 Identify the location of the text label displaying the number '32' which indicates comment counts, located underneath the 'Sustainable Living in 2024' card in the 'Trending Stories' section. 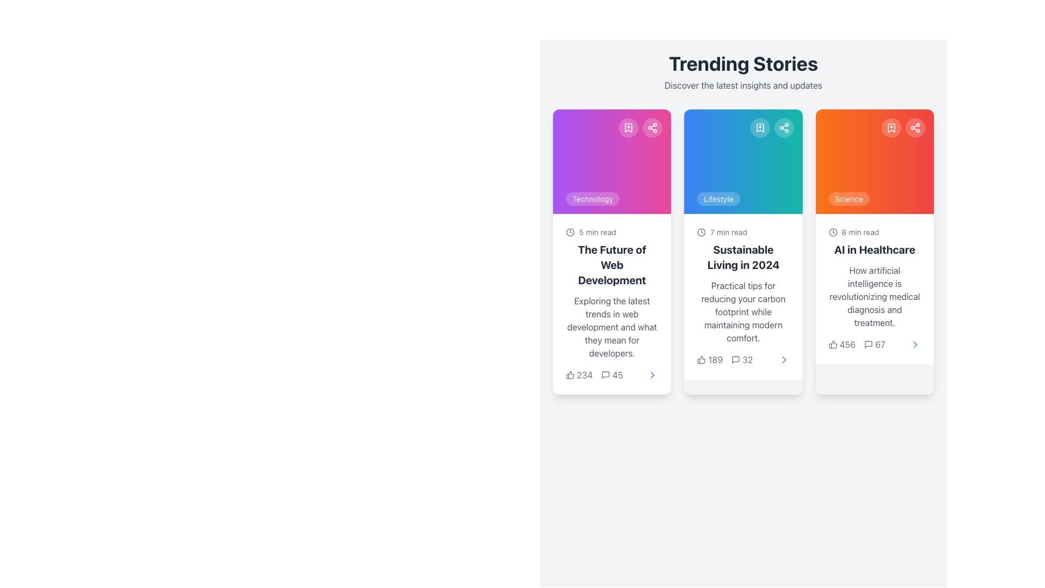
(747, 359).